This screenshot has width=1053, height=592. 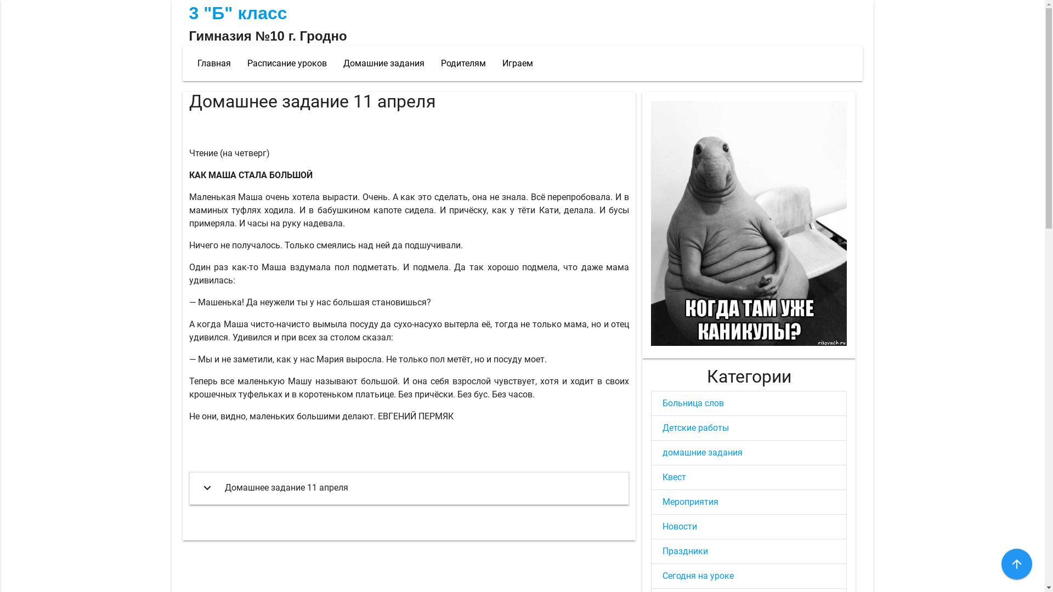 What do you see at coordinates (1016, 564) in the screenshot?
I see `'arrow_upward'` at bounding box center [1016, 564].